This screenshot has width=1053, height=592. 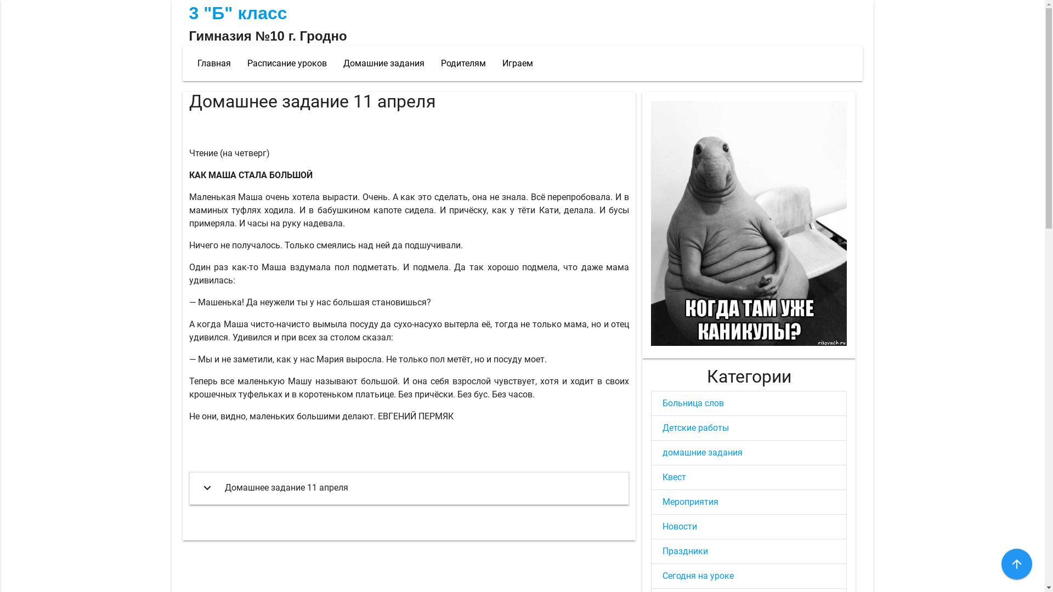 What do you see at coordinates (1016, 564) in the screenshot?
I see `'arrow_upward'` at bounding box center [1016, 564].